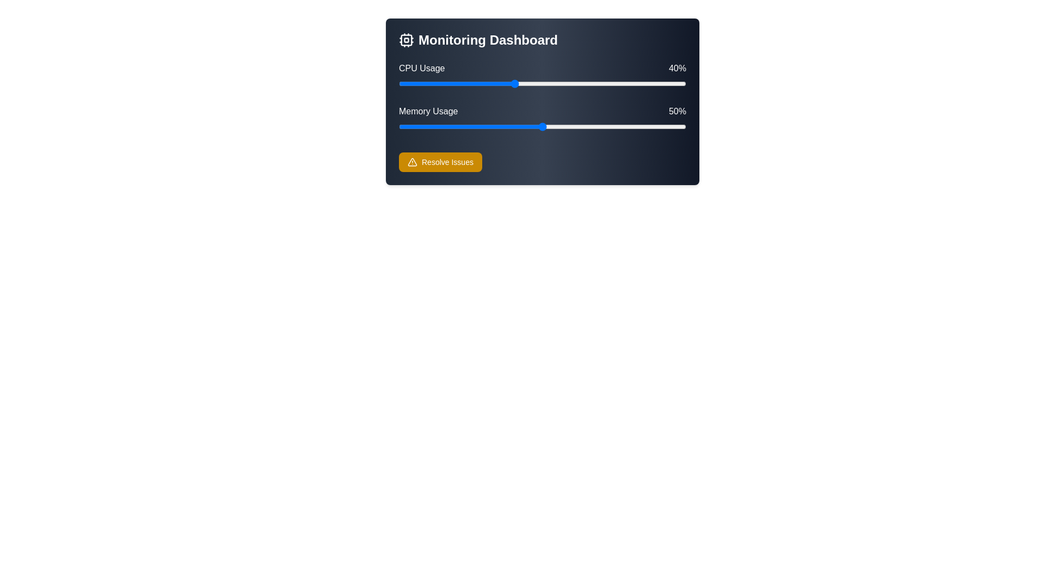  Describe the element at coordinates (543, 126) in the screenshot. I see `the horizontal range slider located just below the 'Memory Usage' label and adjacent to the '50%' percentage label` at that location.